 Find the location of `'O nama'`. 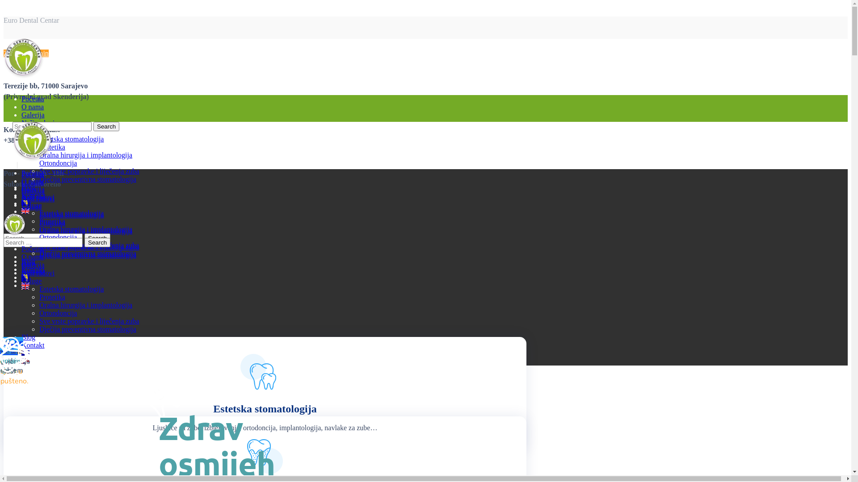

'O nama' is located at coordinates (21, 257).